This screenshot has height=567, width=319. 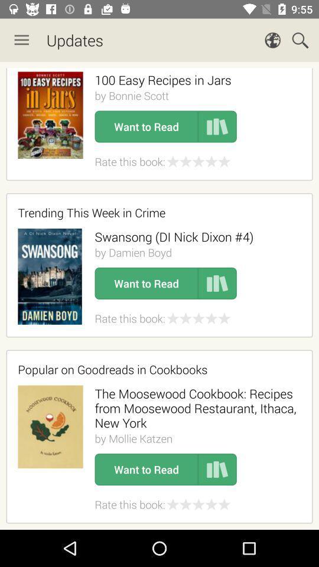 What do you see at coordinates (173, 236) in the screenshot?
I see `icon below trending this week icon` at bounding box center [173, 236].